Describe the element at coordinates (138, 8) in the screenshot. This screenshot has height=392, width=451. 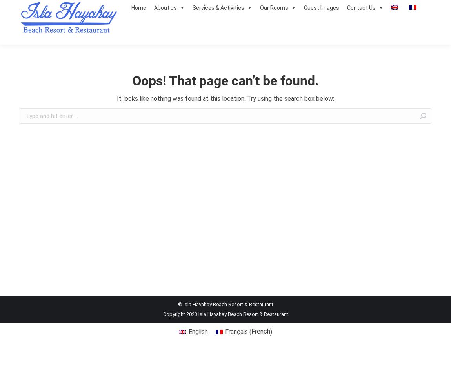
I see `'Home'` at that location.